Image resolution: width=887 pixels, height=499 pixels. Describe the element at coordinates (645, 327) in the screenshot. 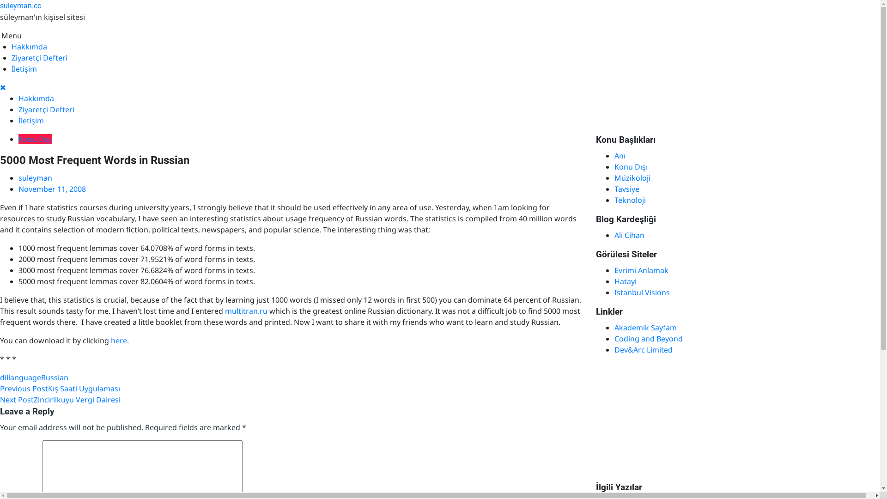

I see `'Akademik Sayfam'` at that location.